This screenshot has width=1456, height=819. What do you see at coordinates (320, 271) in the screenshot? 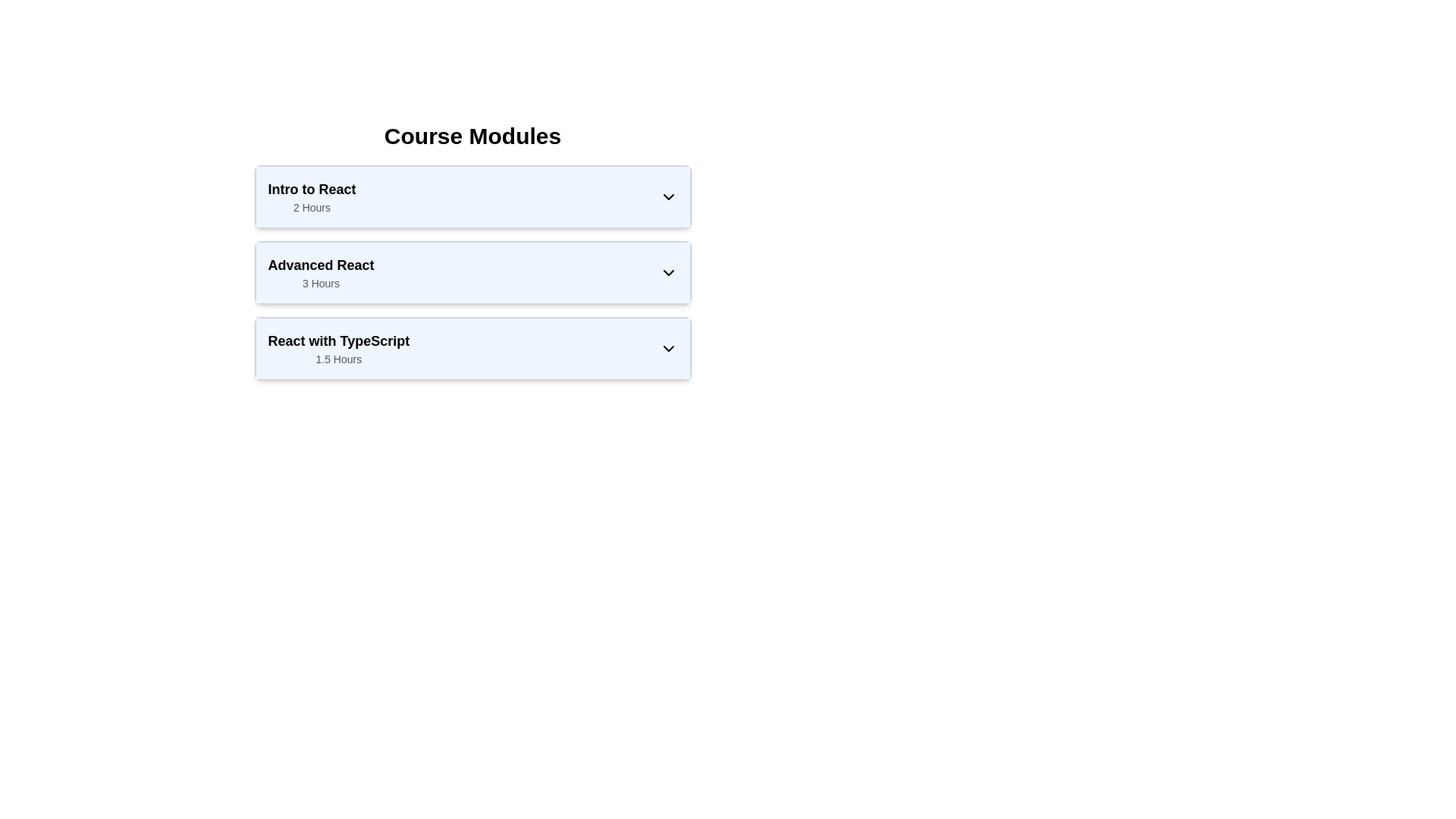
I see `the text-based display component that shows the title and duration of a specific course module, positioned between 'Intro to React' and 'React with TypeScript'` at bounding box center [320, 271].